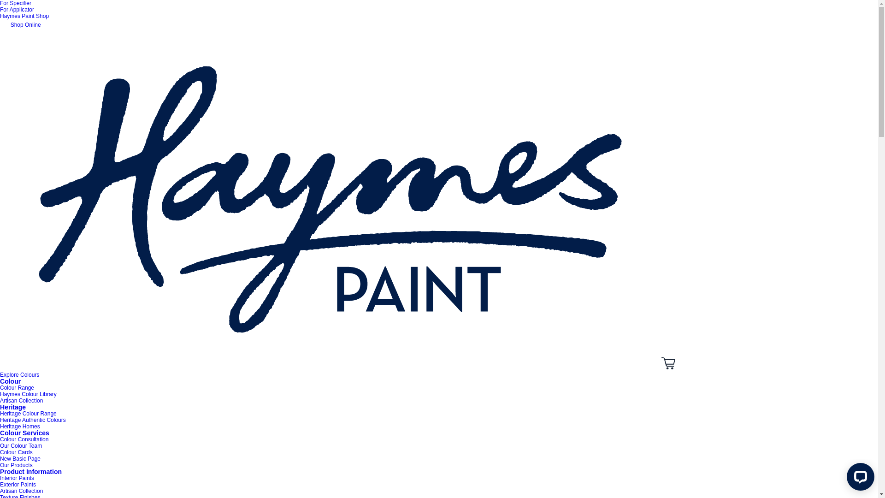  I want to click on 'Heritage Authentic Colours', so click(33, 420).